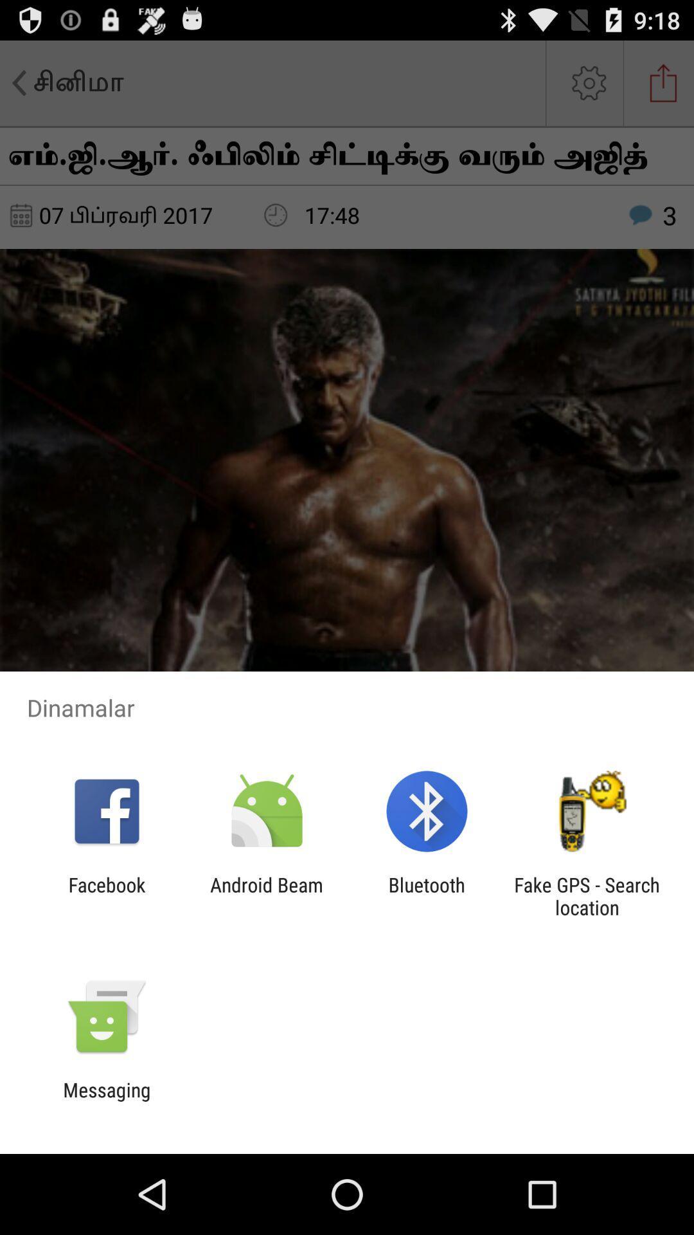  What do you see at coordinates (427, 895) in the screenshot?
I see `the icon next to the android beam item` at bounding box center [427, 895].